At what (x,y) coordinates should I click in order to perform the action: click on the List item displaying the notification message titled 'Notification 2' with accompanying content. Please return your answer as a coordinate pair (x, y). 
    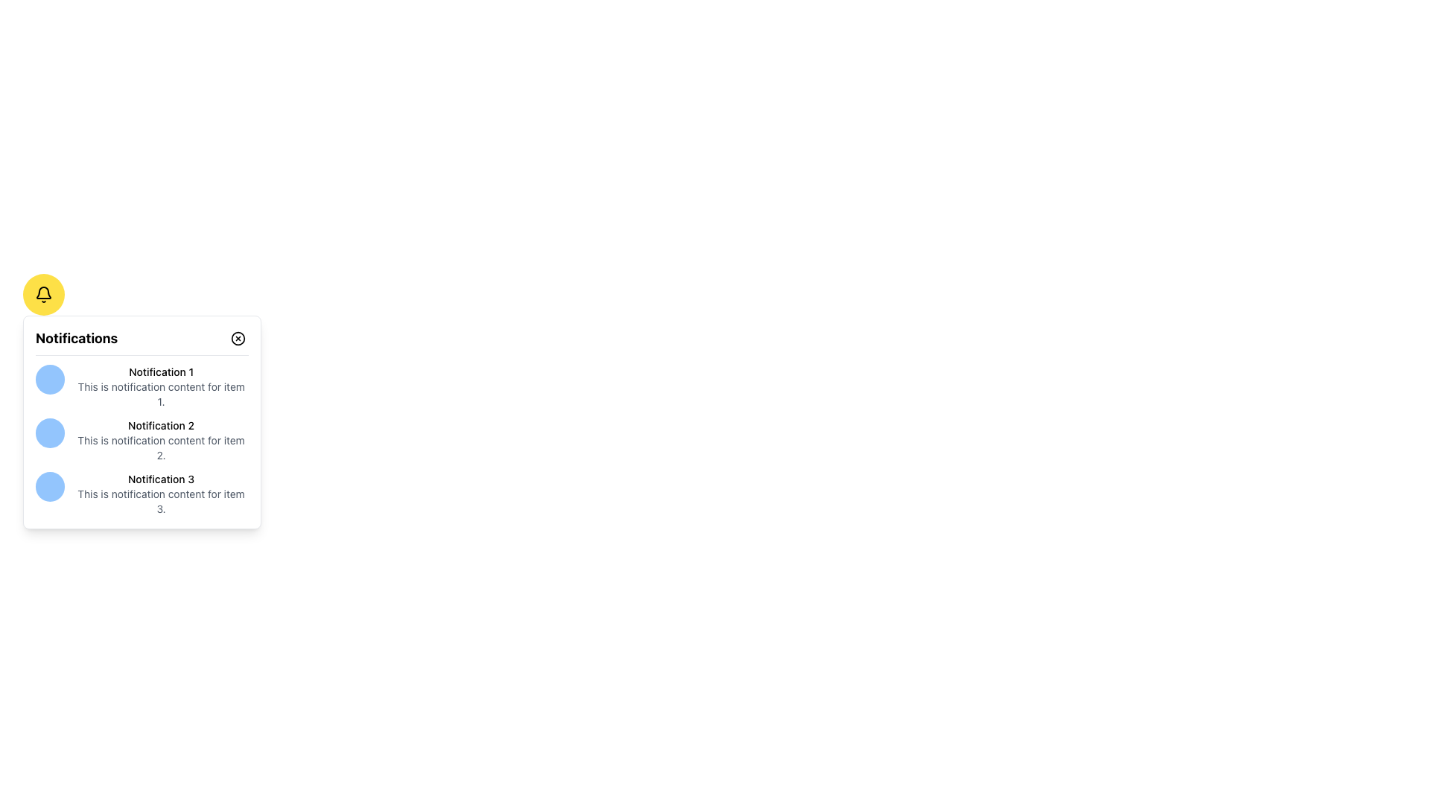
    Looking at the image, I should click on (161, 439).